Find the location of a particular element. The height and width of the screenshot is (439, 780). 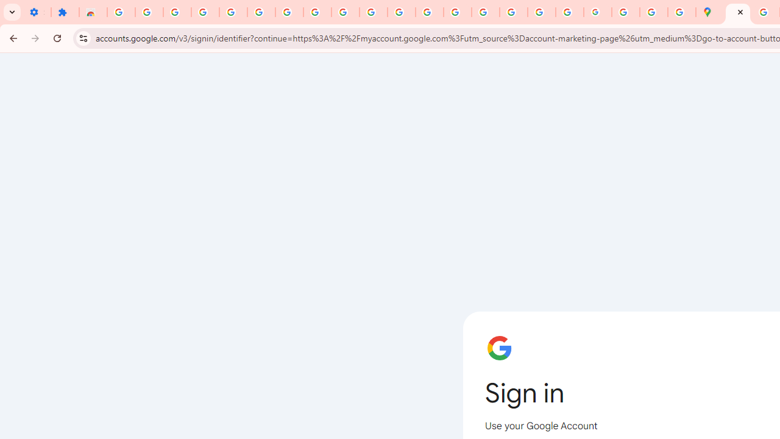

'Google Maps' is located at coordinates (709, 12).